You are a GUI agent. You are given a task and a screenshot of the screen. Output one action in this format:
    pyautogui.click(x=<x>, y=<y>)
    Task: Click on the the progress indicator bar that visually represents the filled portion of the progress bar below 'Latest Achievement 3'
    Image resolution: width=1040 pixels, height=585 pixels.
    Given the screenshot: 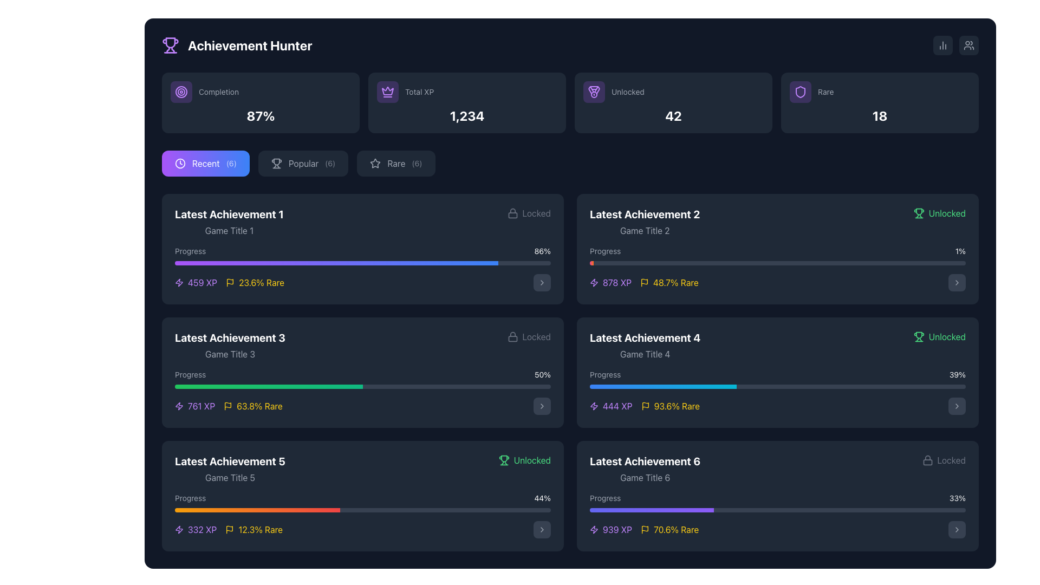 What is the action you would take?
    pyautogui.click(x=269, y=386)
    